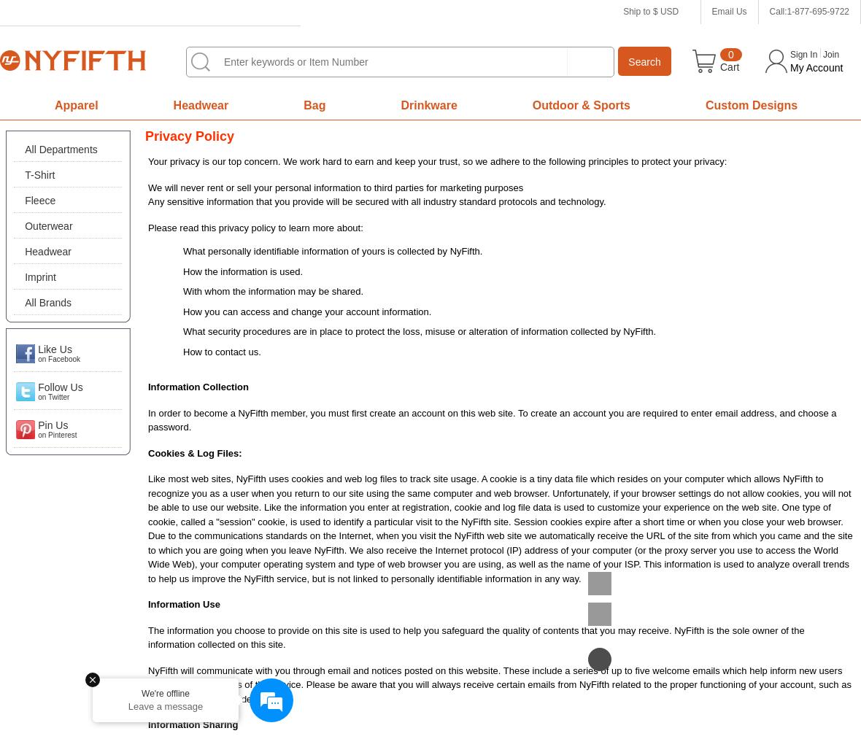  I want to click on 'Information Collection', so click(198, 387).